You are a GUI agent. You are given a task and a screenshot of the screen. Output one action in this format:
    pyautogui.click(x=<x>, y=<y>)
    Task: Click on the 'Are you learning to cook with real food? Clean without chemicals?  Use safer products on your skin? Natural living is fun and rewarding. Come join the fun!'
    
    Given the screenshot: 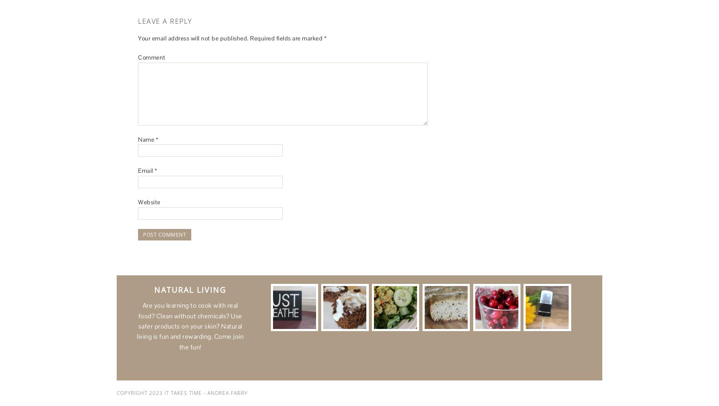 What is the action you would take?
    pyautogui.click(x=190, y=326)
    